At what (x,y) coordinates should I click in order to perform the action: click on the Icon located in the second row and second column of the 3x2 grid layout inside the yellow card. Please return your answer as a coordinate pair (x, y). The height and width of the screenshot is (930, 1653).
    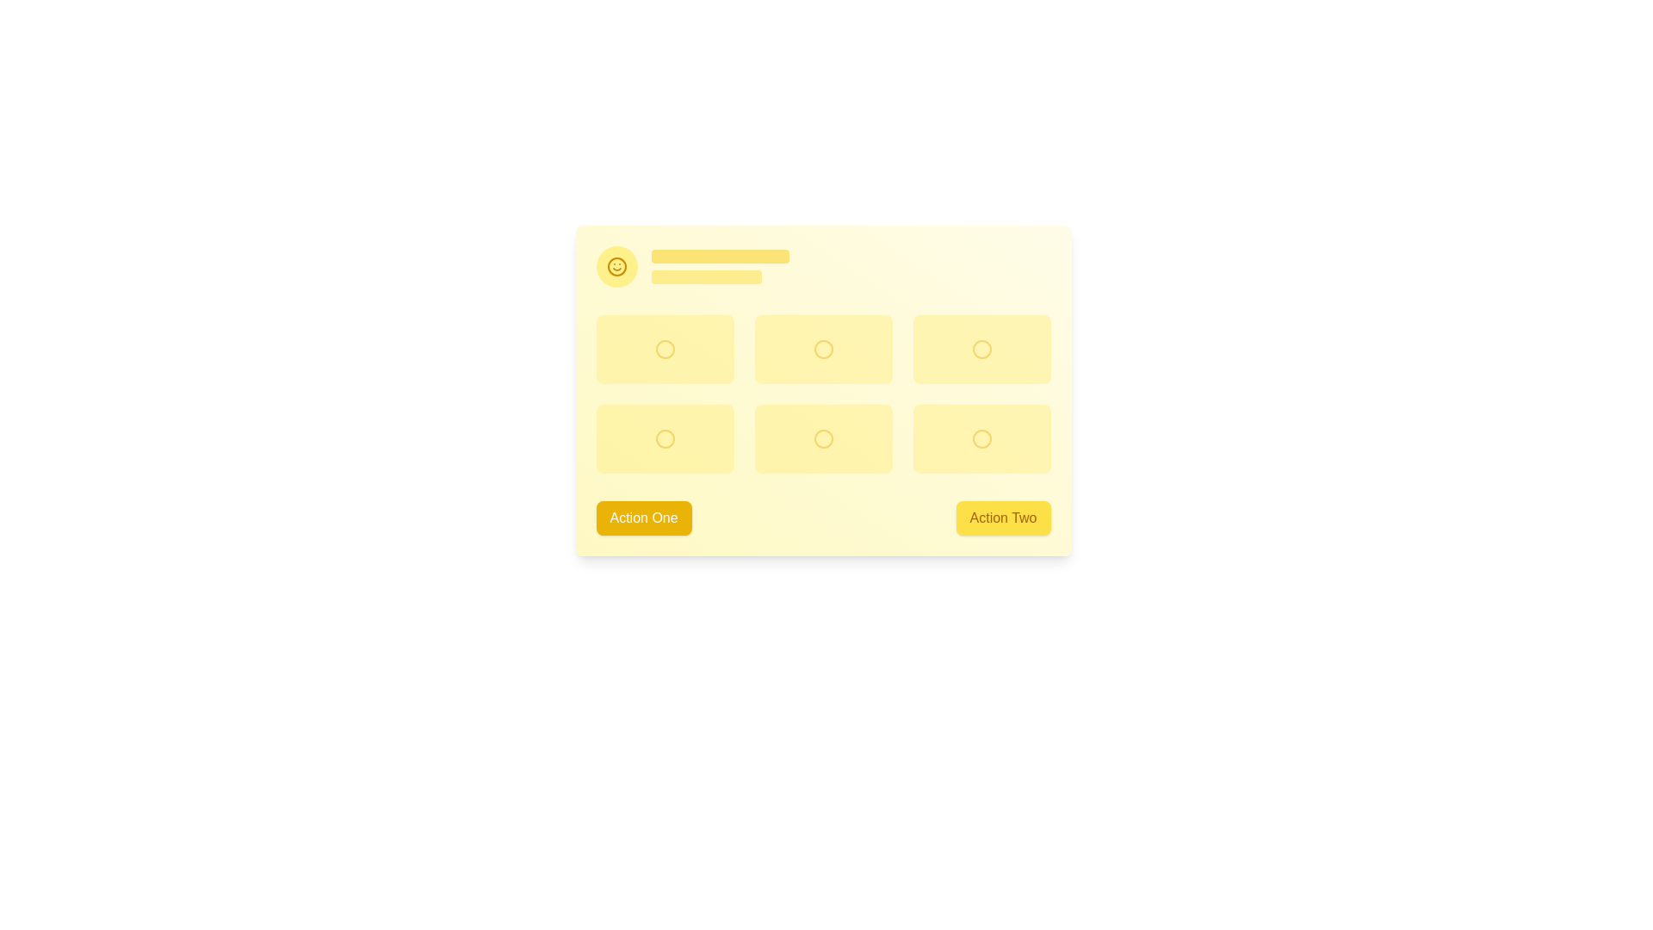
    Looking at the image, I should click on (822, 437).